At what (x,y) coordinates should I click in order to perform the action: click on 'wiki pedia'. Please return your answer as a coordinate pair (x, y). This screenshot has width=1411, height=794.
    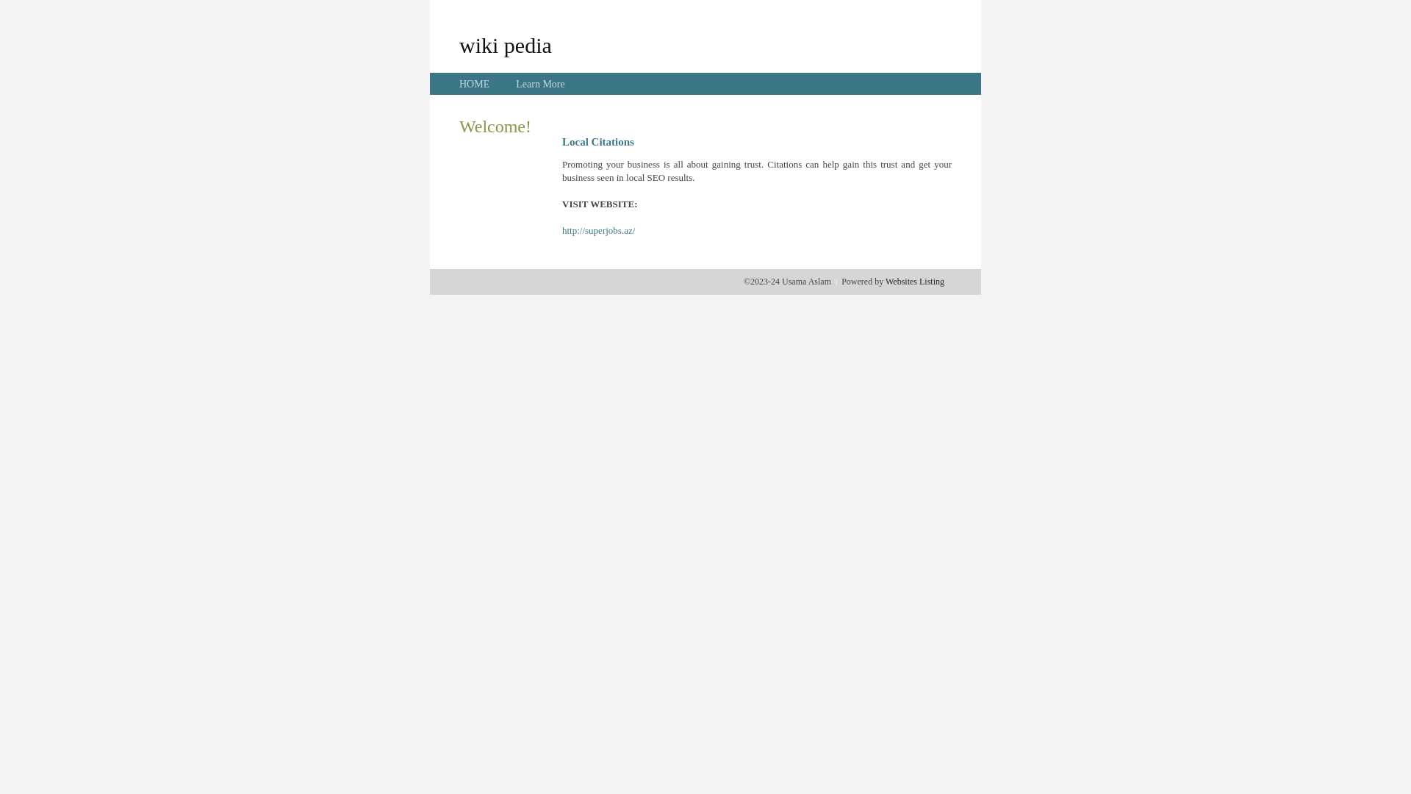
    Looking at the image, I should click on (505, 44).